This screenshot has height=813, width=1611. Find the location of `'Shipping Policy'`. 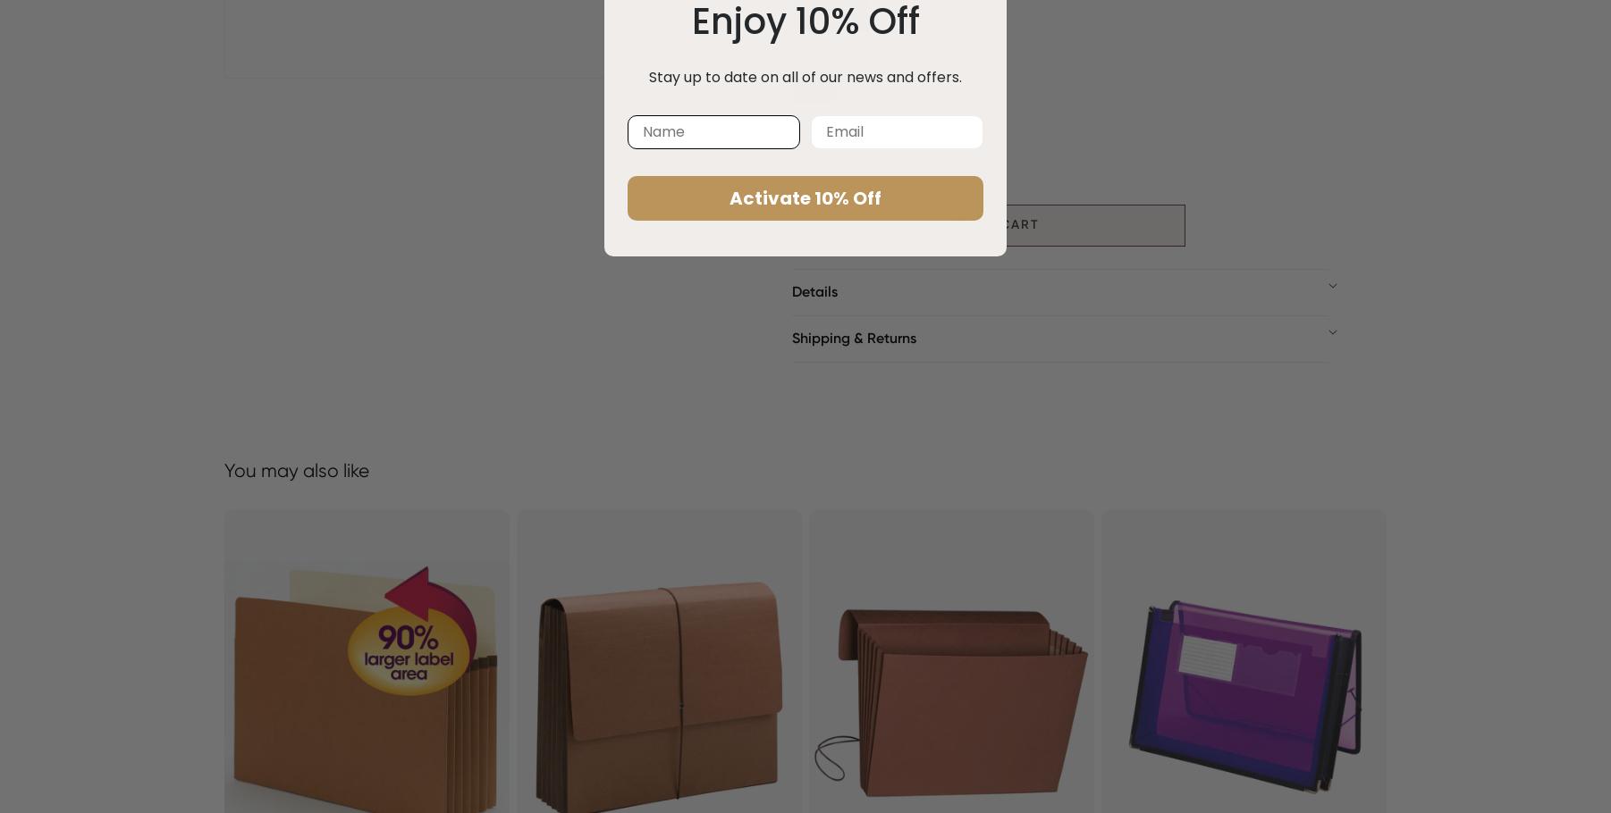

'Shipping Policy' is located at coordinates (841, 372).